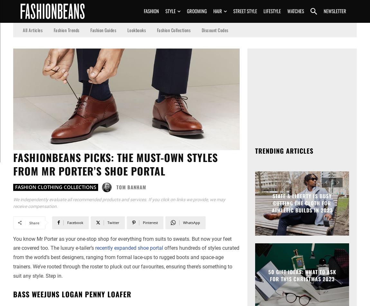 Image resolution: width=370 pixels, height=306 pixels. Describe the element at coordinates (214, 30) in the screenshot. I see `'Discount Codes'` at that location.